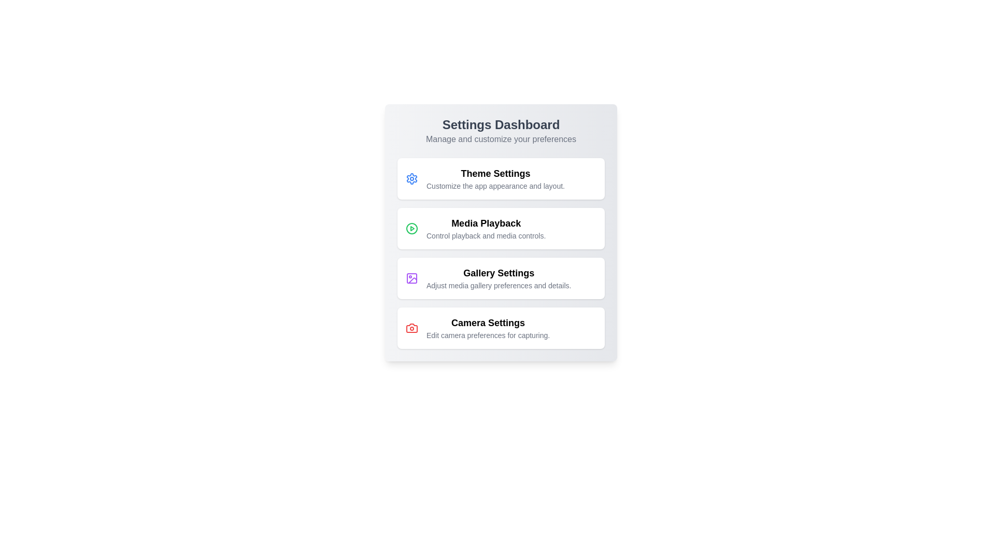  Describe the element at coordinates (411, 328) in the screenshot. I see `the stylized red camera icon, which is the left-most component of the 'Camera Settings' row in the settings options` at that location.